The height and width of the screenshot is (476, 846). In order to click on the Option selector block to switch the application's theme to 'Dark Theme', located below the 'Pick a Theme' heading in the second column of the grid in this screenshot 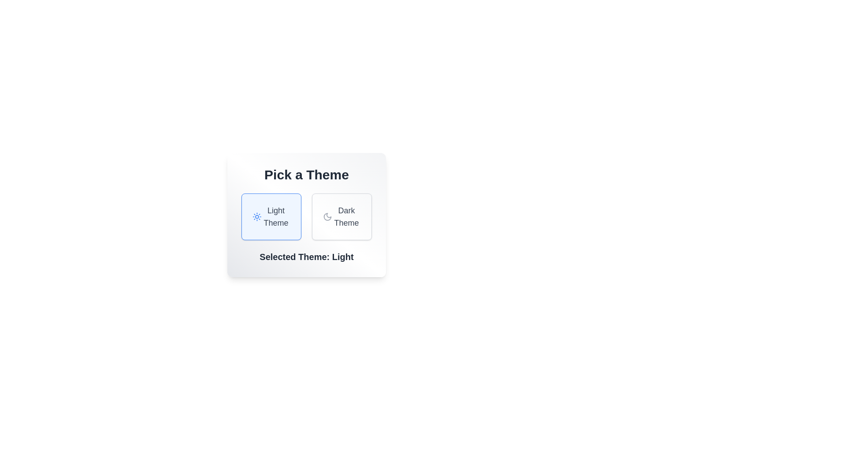, I will do `click(341, 217)`.